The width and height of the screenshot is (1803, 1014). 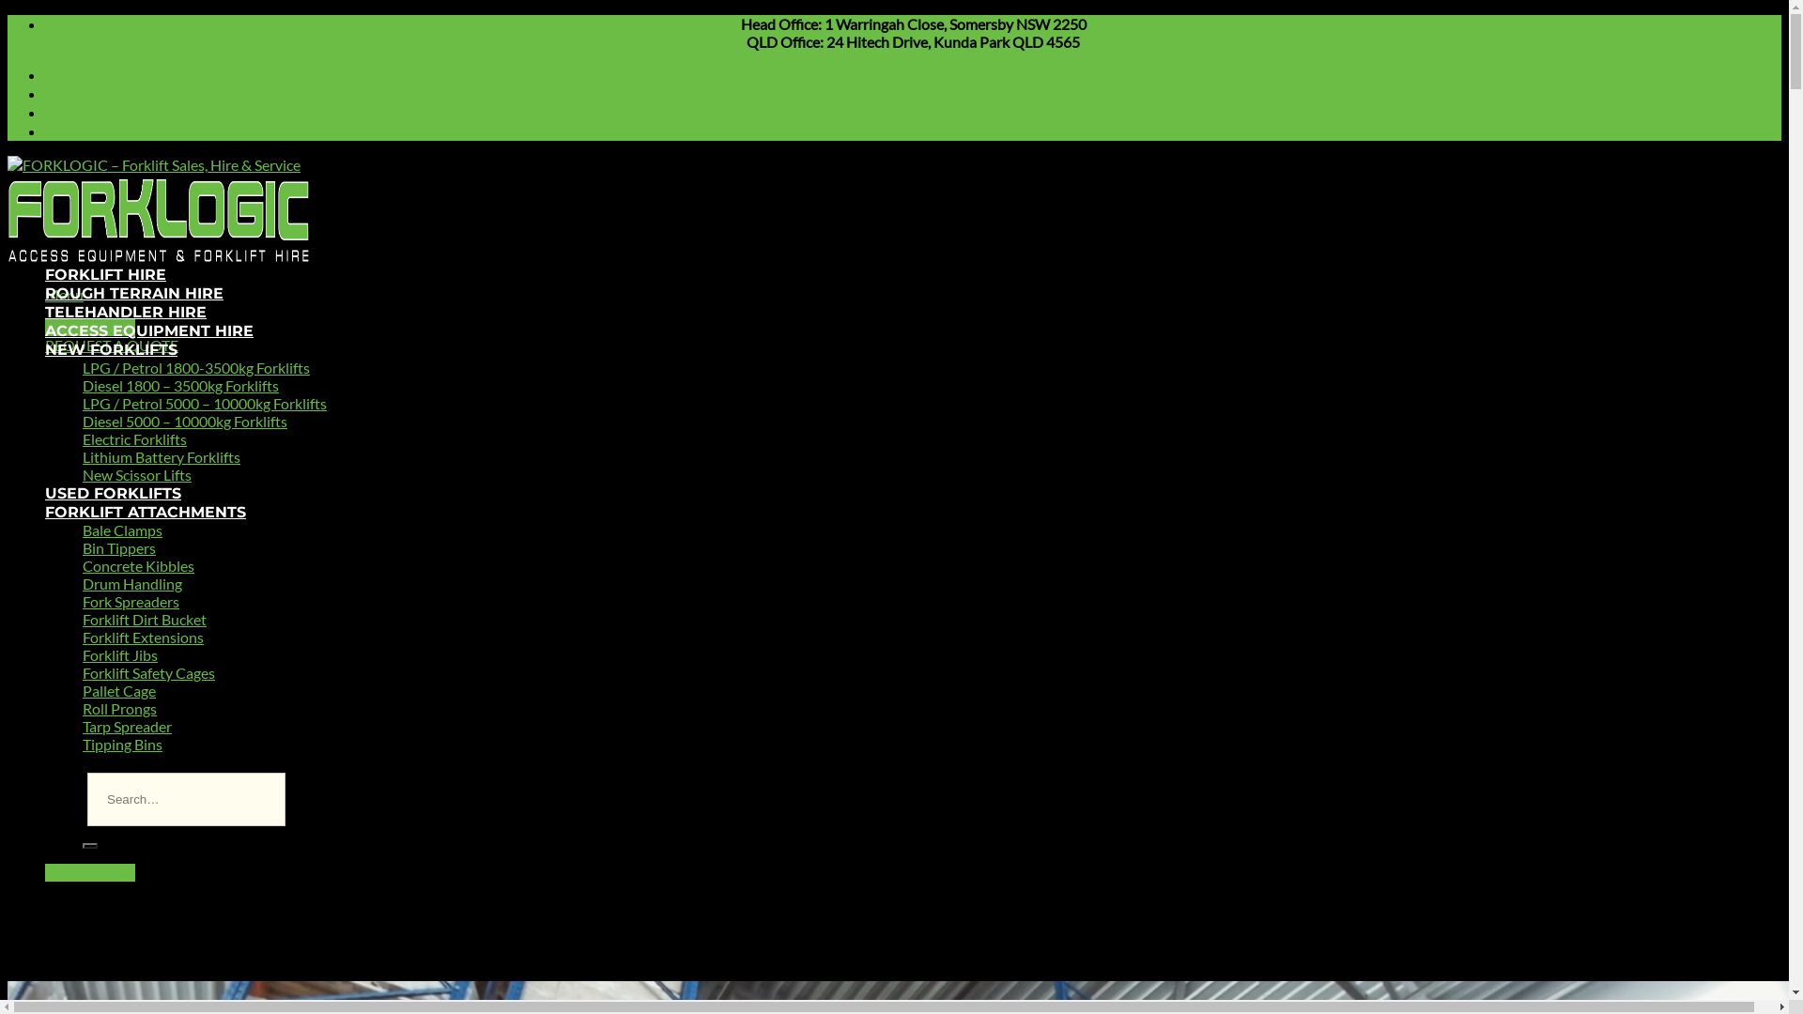 I want to click on 'Tipping Bins', so click(x=121, y=743).